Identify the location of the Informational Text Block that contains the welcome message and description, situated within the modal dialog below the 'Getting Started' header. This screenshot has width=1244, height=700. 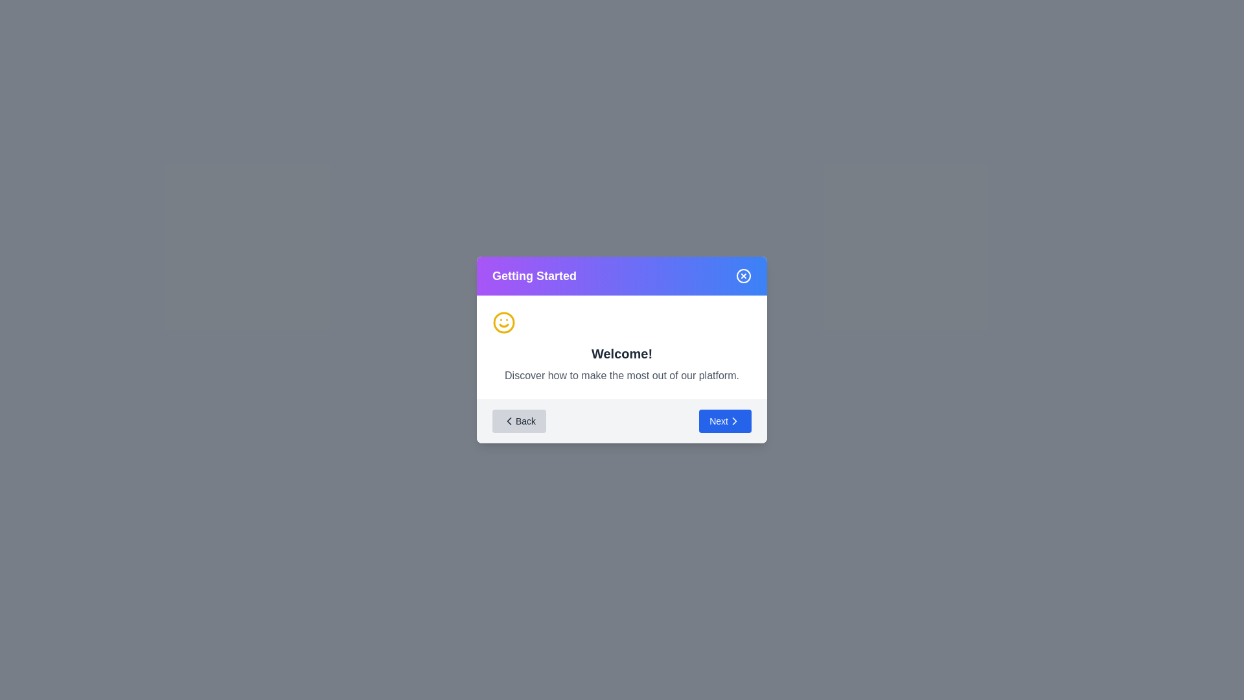
(622, 347).